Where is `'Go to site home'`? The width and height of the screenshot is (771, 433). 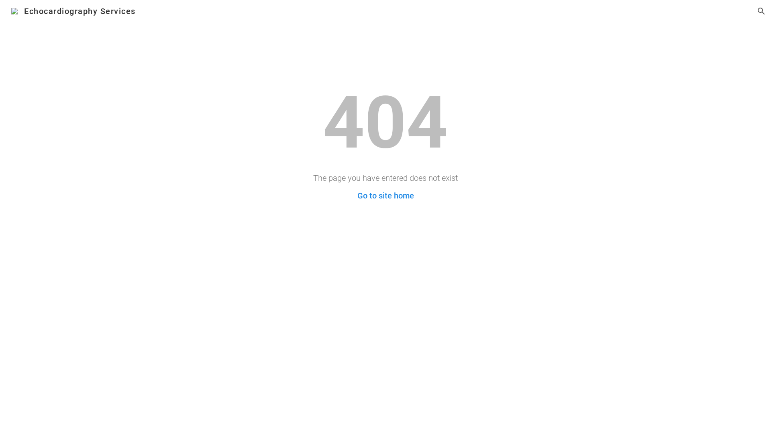
'Go to site home' is located at coordinates (385, 196).